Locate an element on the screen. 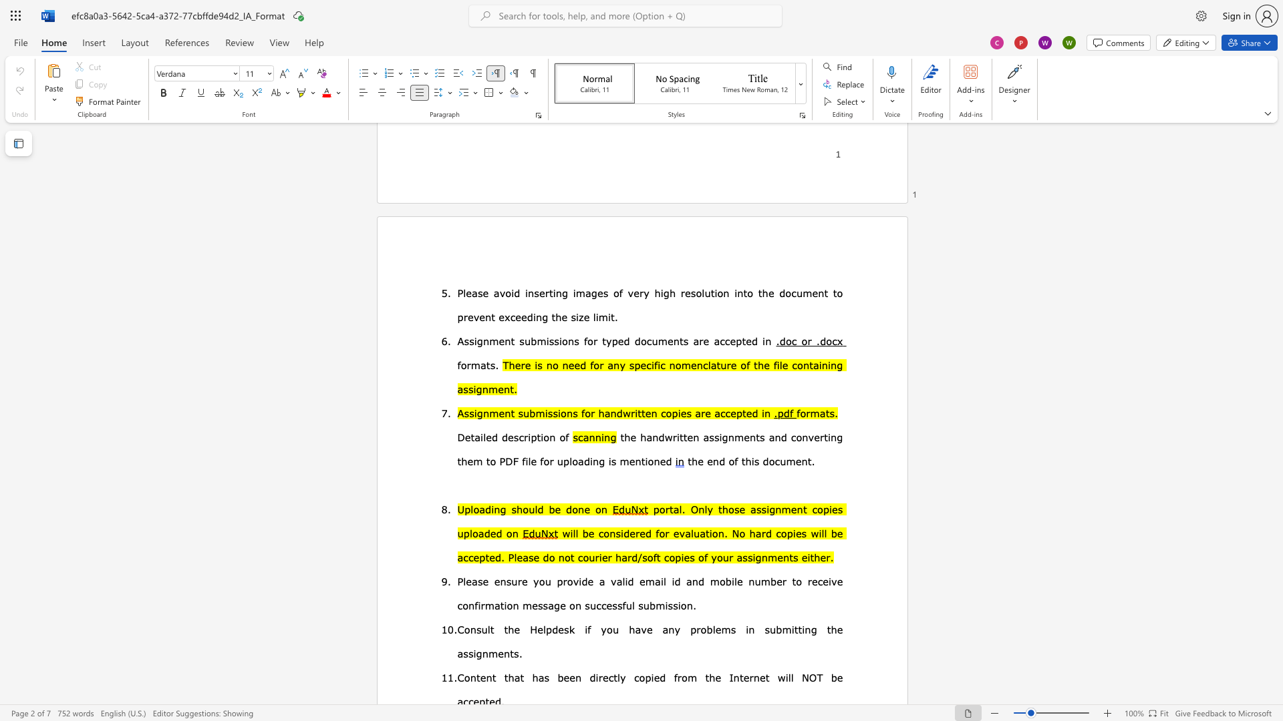 This screenshot has height=721, width=1283. the 1th character "k" in the text is located at coordinates (571, 629).